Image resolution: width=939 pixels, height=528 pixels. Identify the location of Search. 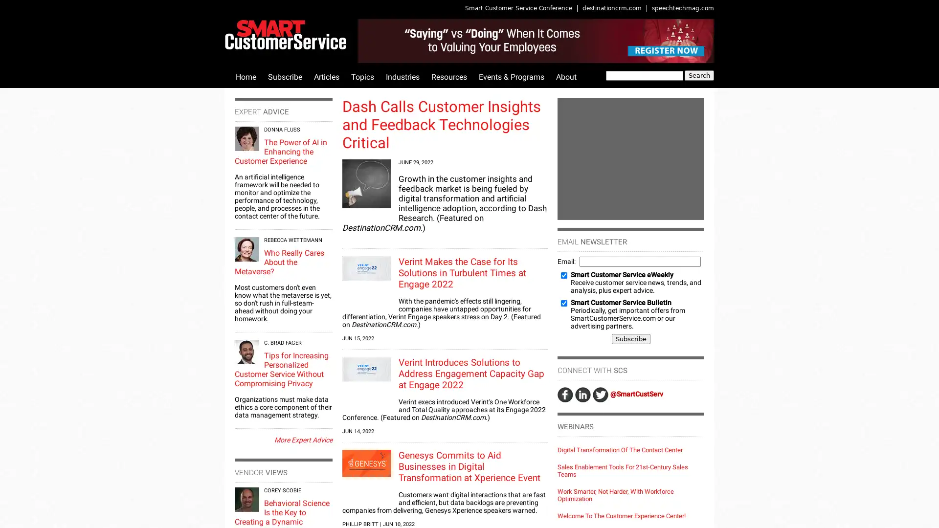
(699, 75).